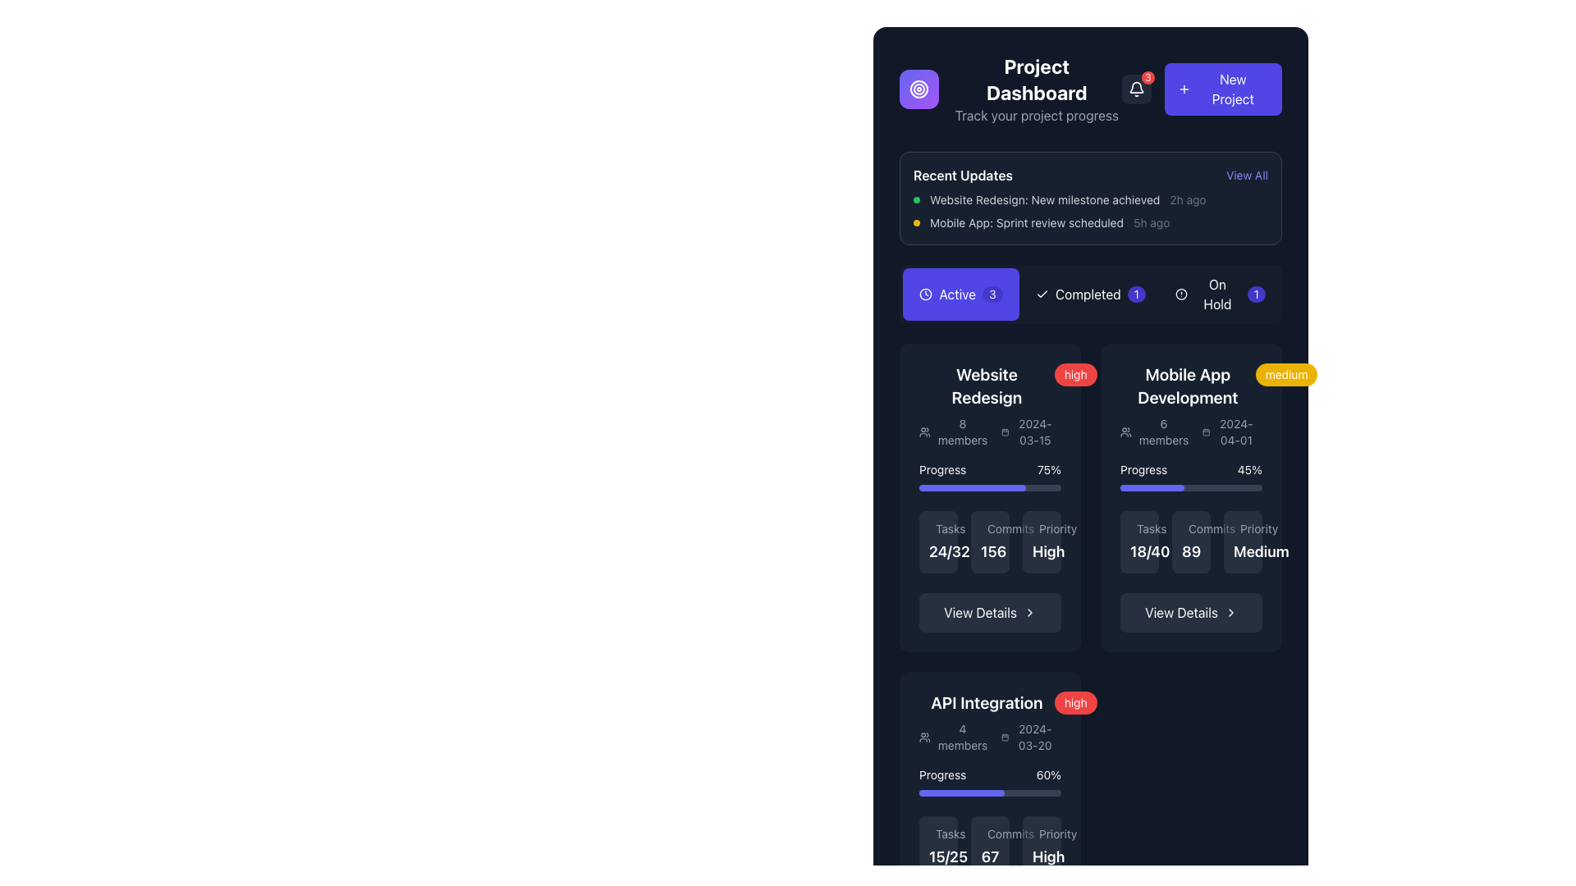  What do you see at coordinates (1042, 293) in the screenshot?
I see `the checkmark icon located in the 'Completed' tab, positioned second from the left in the button group above the project cards` at bounding box center [1042, 293].